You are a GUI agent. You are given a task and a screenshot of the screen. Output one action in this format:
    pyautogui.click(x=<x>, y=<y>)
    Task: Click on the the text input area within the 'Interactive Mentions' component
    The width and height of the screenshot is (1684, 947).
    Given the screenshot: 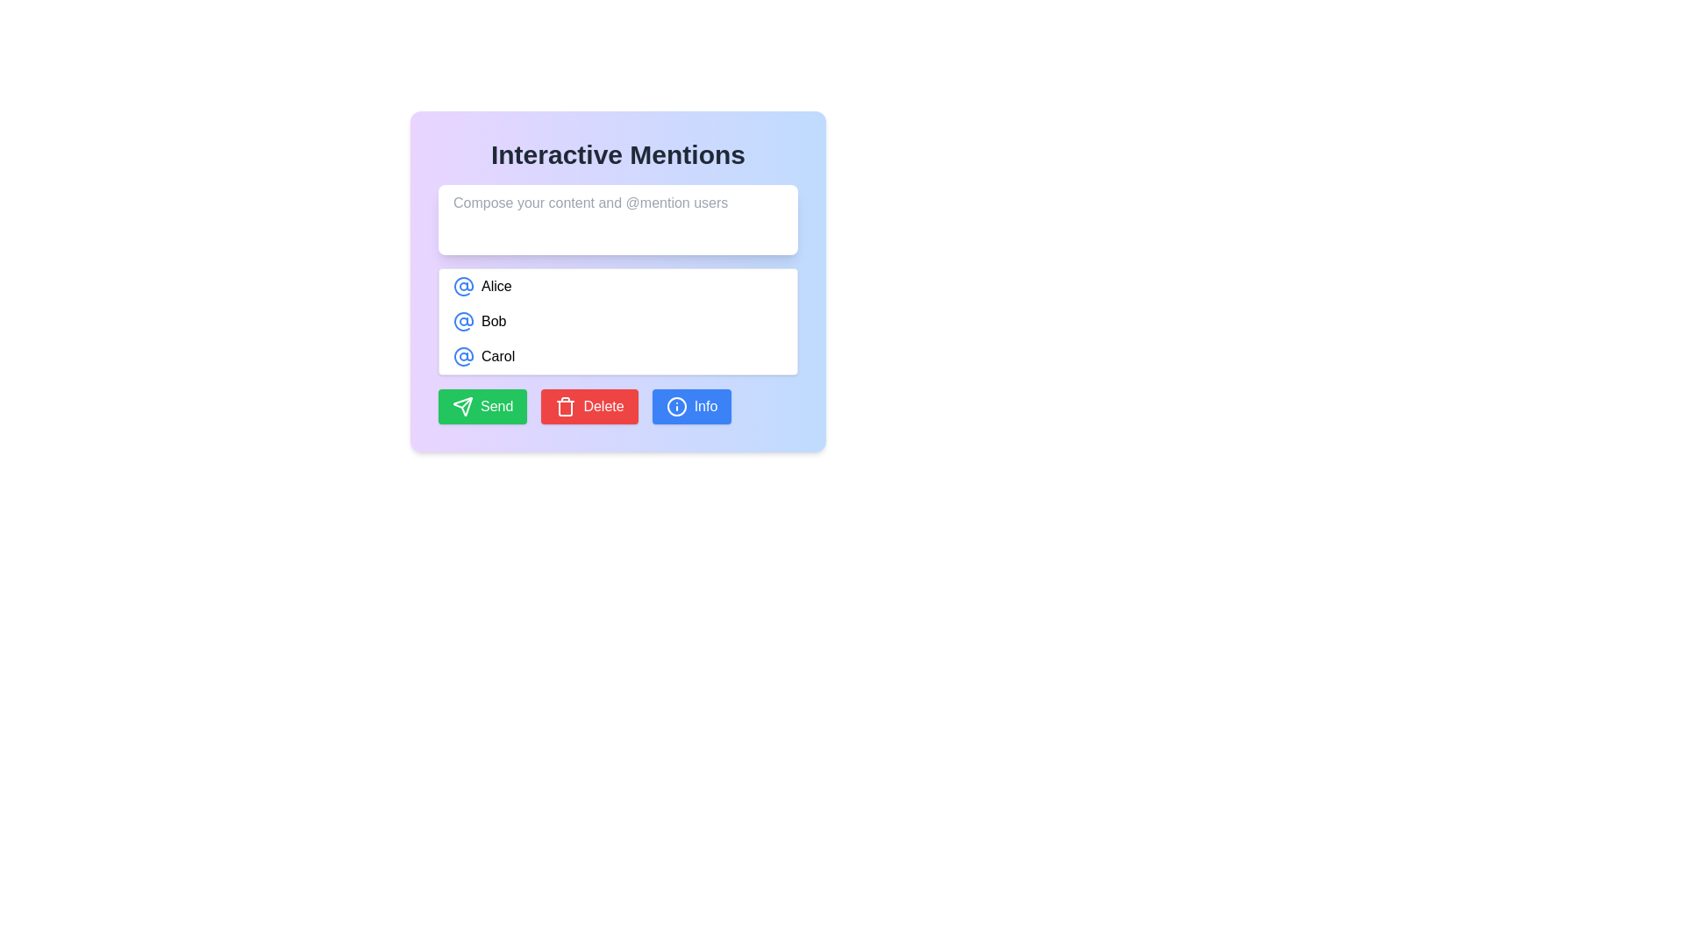 What is the action you would take?
    pyautogui.click(x=618, y=280)
    